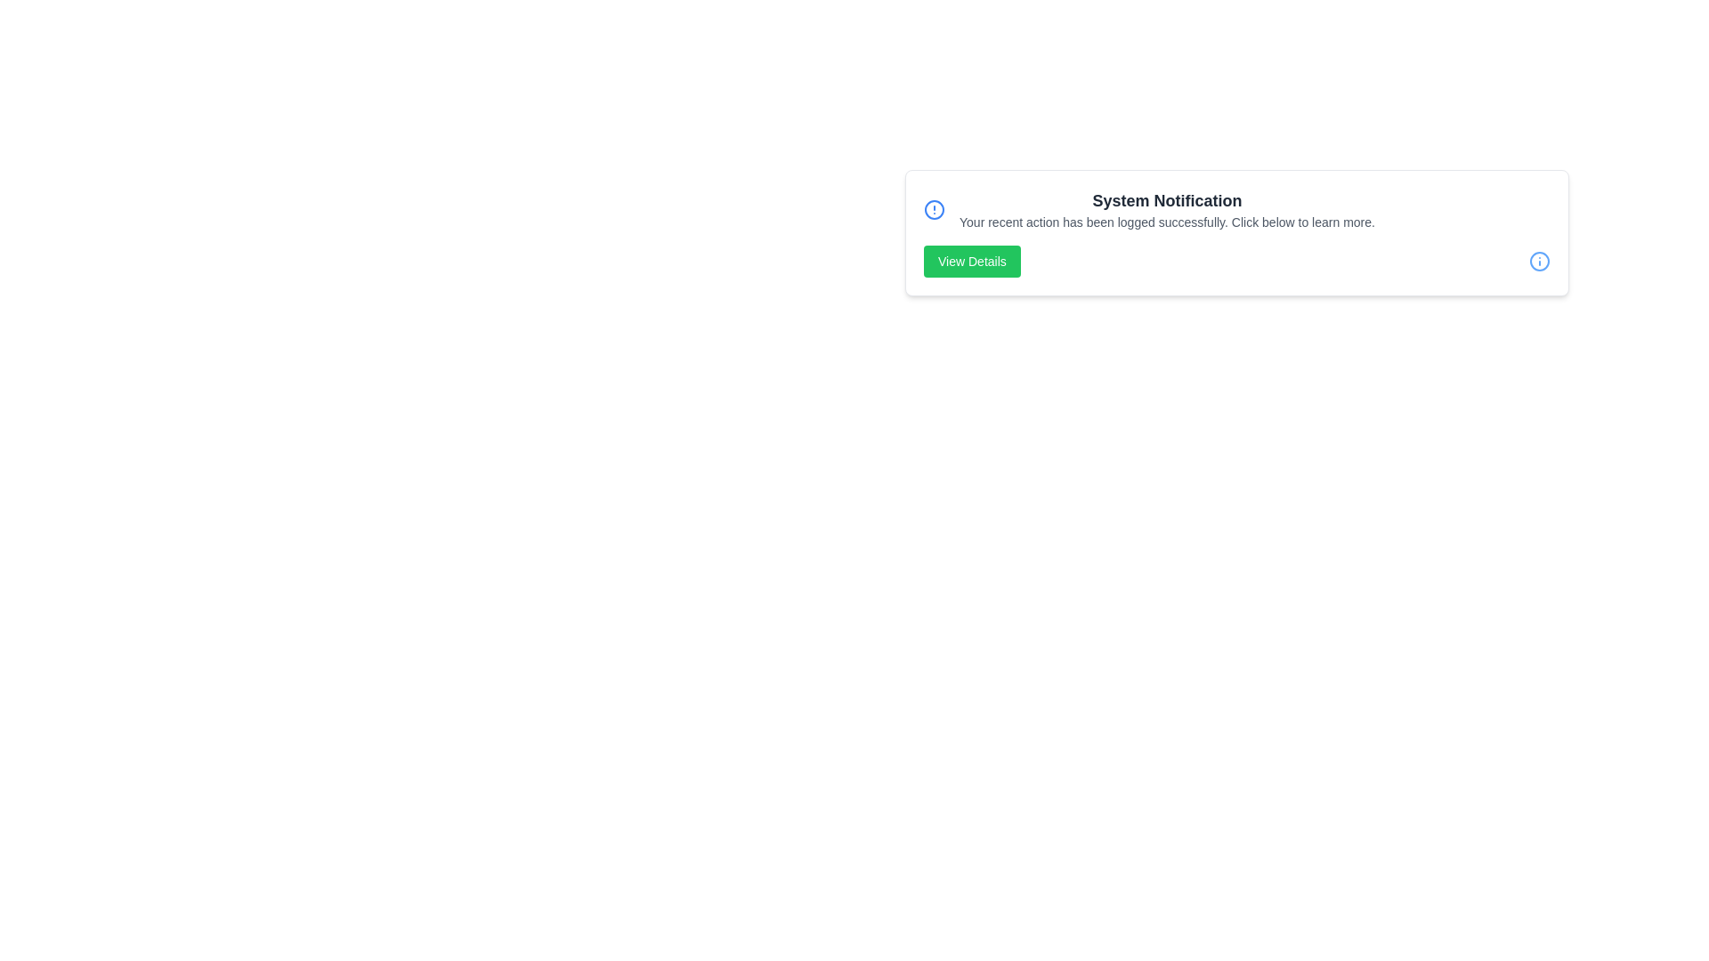 Image resolution: width=1709 pixels, height=961 pixels. Describe the element at coordinates (934, 208) in the screenshot. I see `the 'Alert Circle' icon on the left to inspect it` at that location.